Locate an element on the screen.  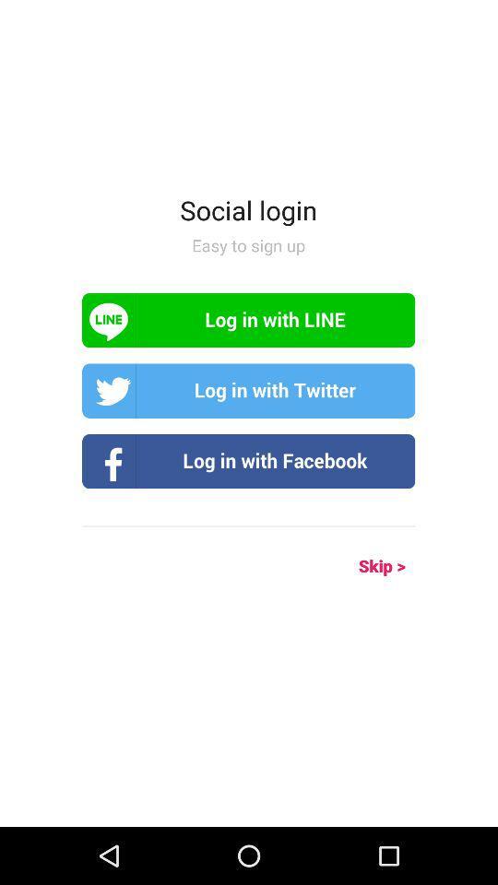
log in button is located at coordinates (248, 320).